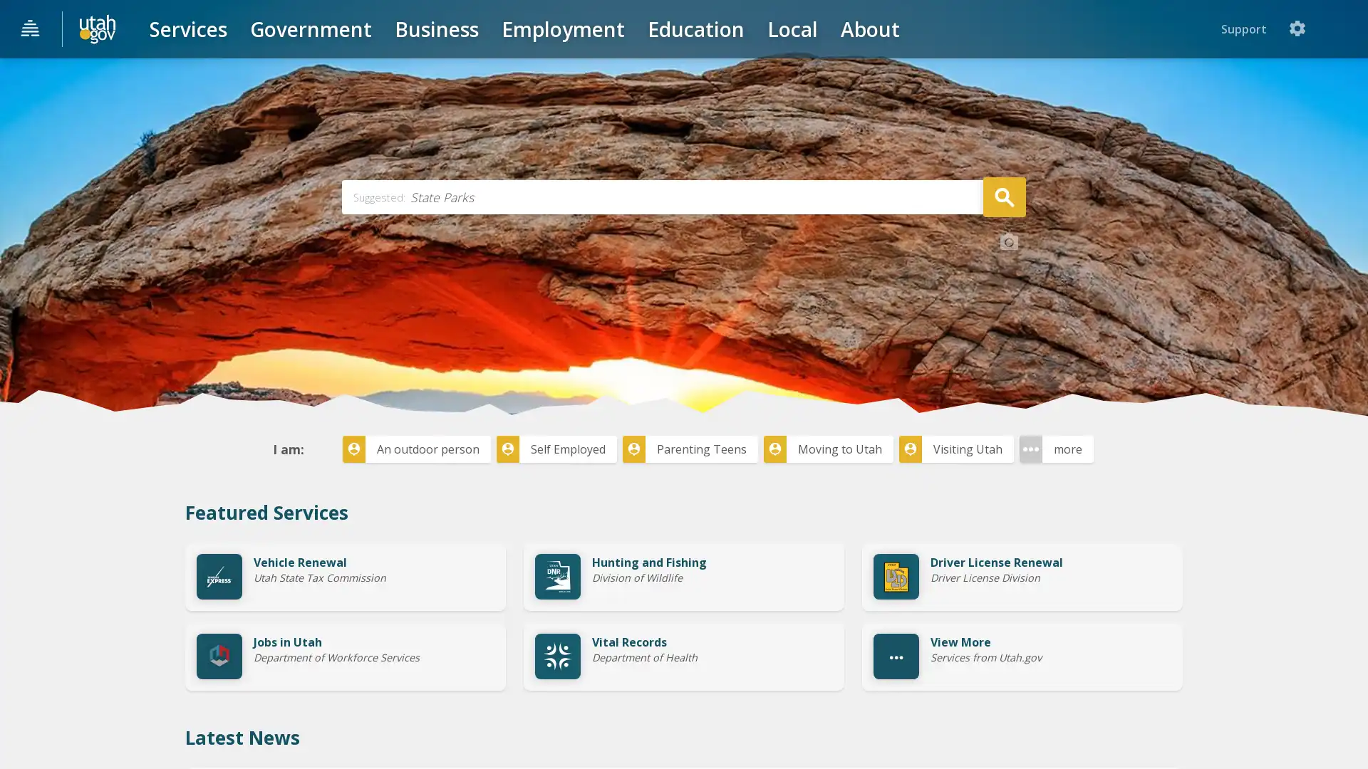 The width and height of the screenshot is (1368, 769). I want to click on Menu, so click(31, 29).